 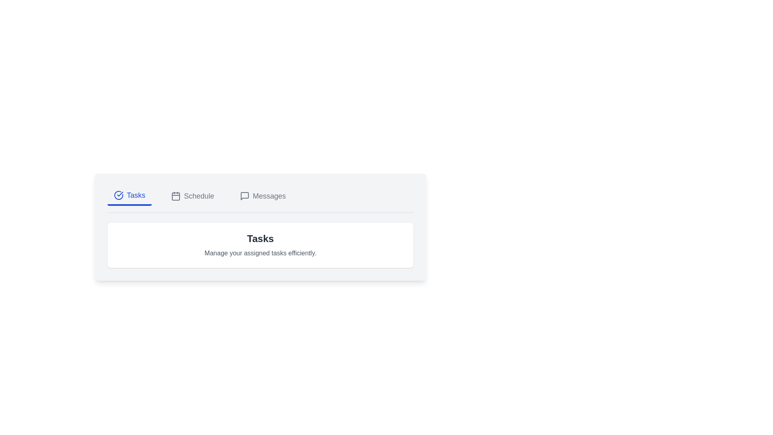 What do you see at coordinates (192, 196) in the screenshot?
I see `the Schedule tab` at bounding box center [192, 196].